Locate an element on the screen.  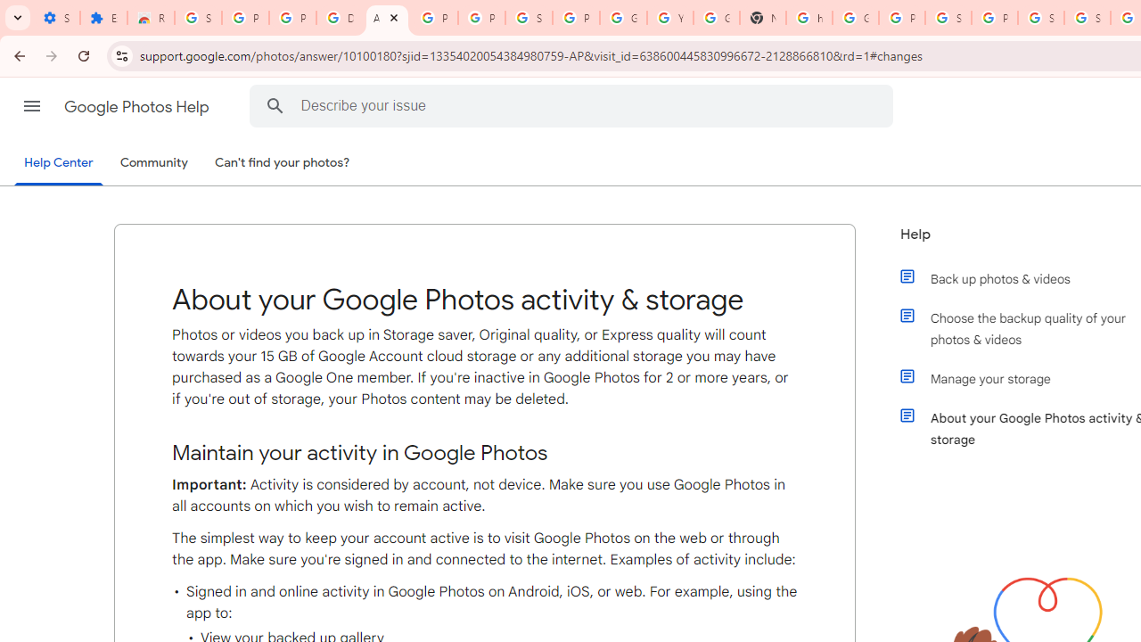
'Settings - On startup' is located at coordinates (56, 18).